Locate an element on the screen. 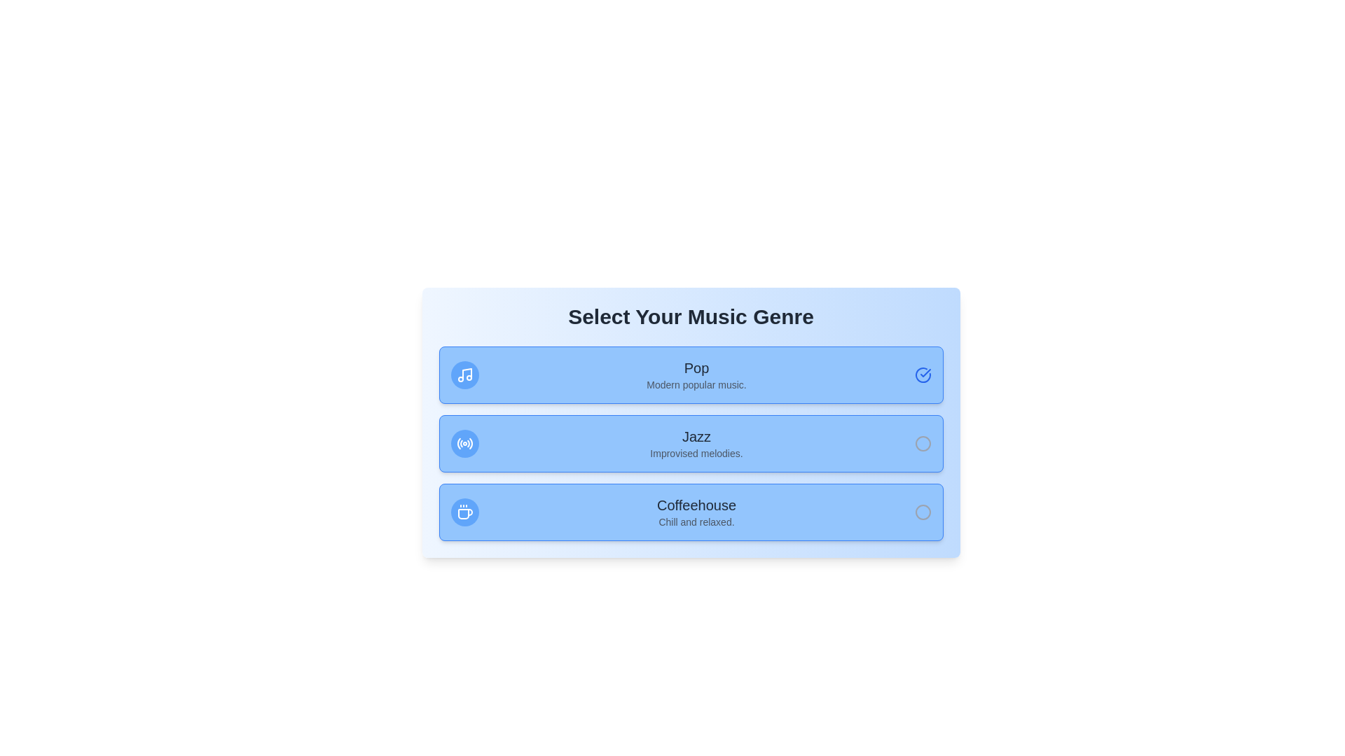 This screenshot has height=756, width=1345. the Text label that describes the genre 'Jazz' and its characteristic 'Improvised melodies', located below the 'Jazz' text within the blue rectangular card, which is the second card in the vertically stacked list of options is located at coordinates (696, 454).